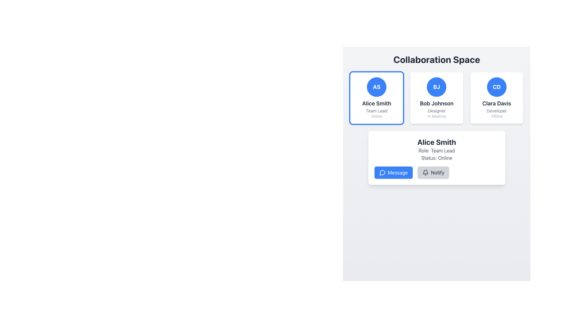  I want to click on the blue rectangular button labeled 'Message' with a speech bubble icon for visual feedback, so click(393, 172).